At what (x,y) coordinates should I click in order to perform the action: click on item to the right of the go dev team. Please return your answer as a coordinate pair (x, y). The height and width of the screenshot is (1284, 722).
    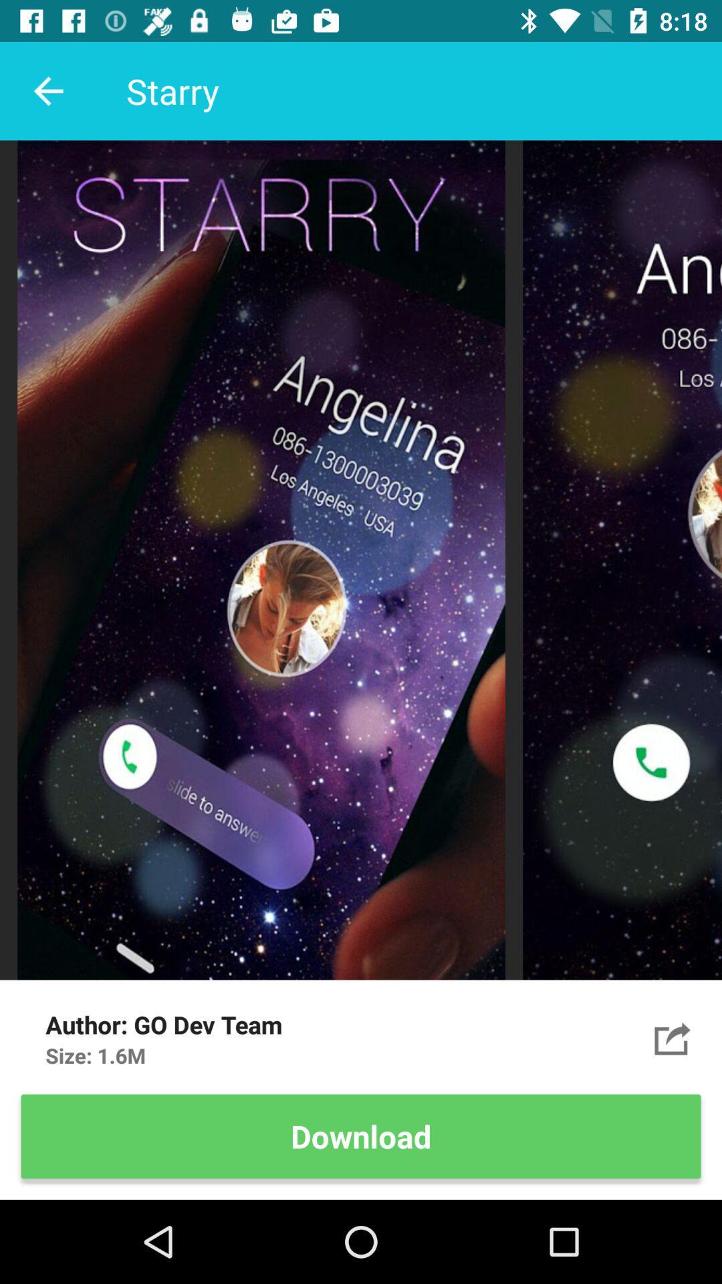
    Looking at the image, I should click on (673, 1038).